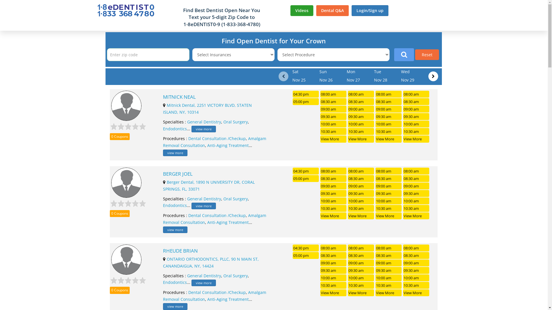  I want to click on 'Login/Sign up', so click(370, 11).